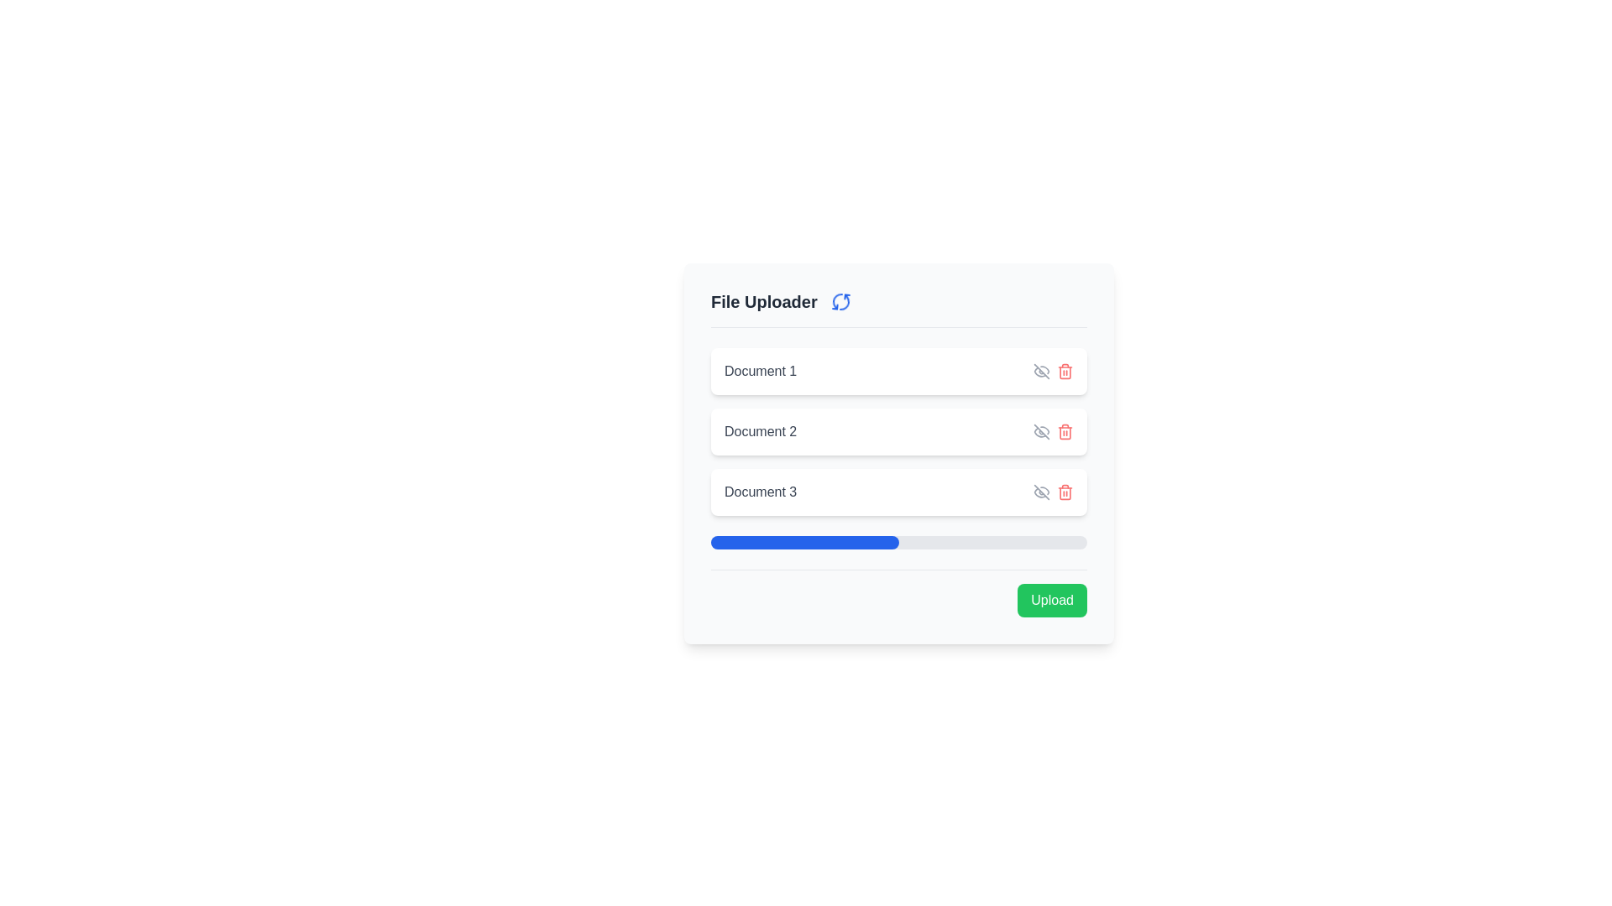 This screenshot has height=906, width=1612. Describe the element at coordinates (760, 491) in the screenshot. I see `the text label that identifies the document in the 'File Uploader' section, located beneath 'Document 1' and 'Document 2'` at that location.